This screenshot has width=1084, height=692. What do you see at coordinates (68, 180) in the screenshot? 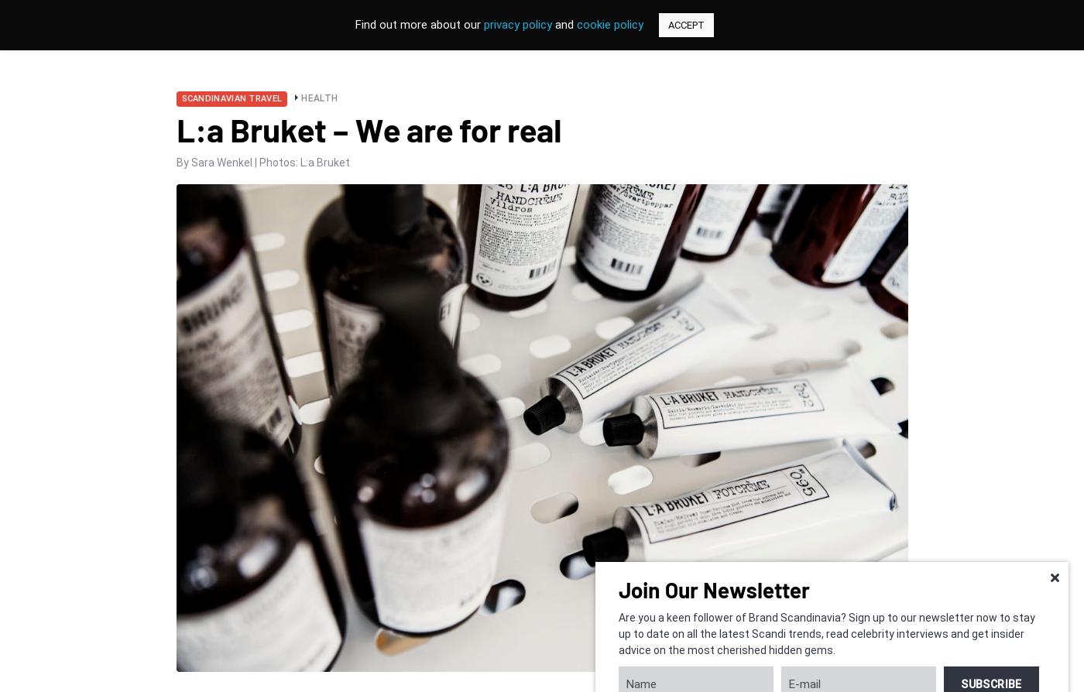
I see `'Fashion'` at bounding box center [68, 180].